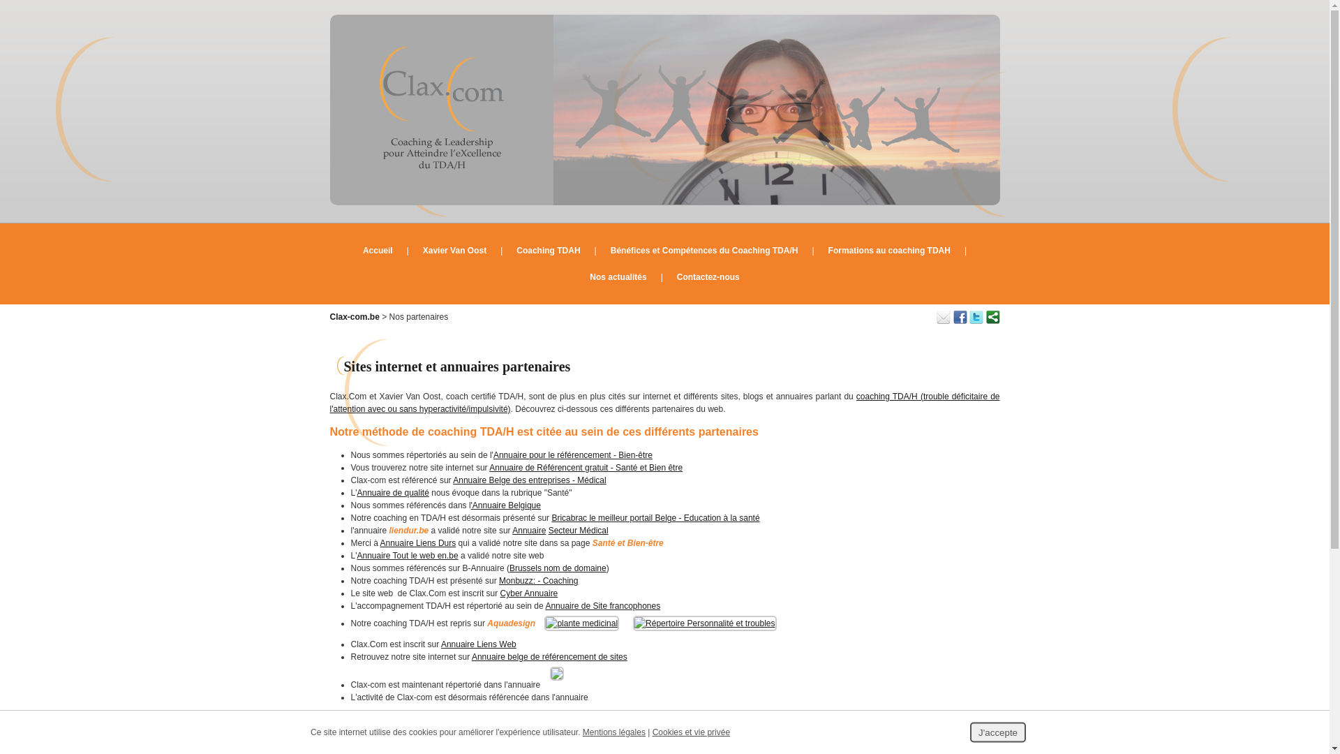 Image resolution: width=1340 pixels, height=754 pixels. What do you see at coordinates (479, 644) in the screenshot?
I see `'Annuaire Liens Web'` at bounding box center [479, 644].